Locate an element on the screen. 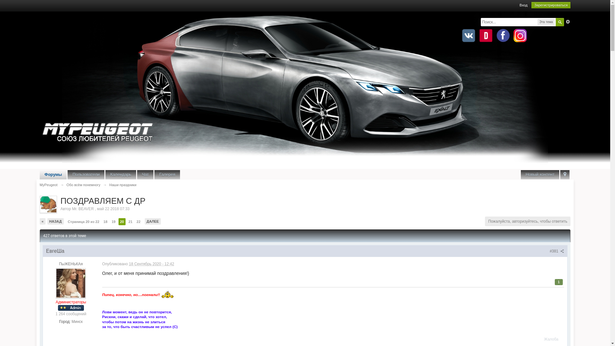  'Instagram' is located at coordinates (520, 36).